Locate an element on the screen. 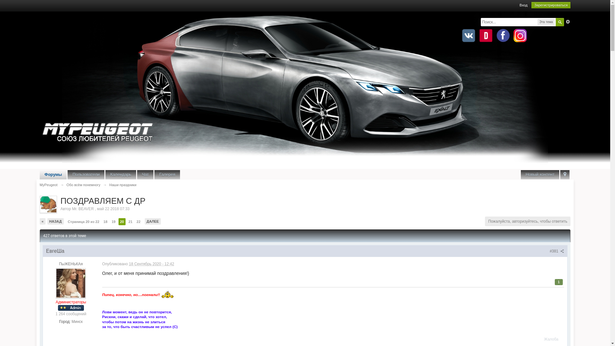  'Instagram' is located at coordinates (520, 36).